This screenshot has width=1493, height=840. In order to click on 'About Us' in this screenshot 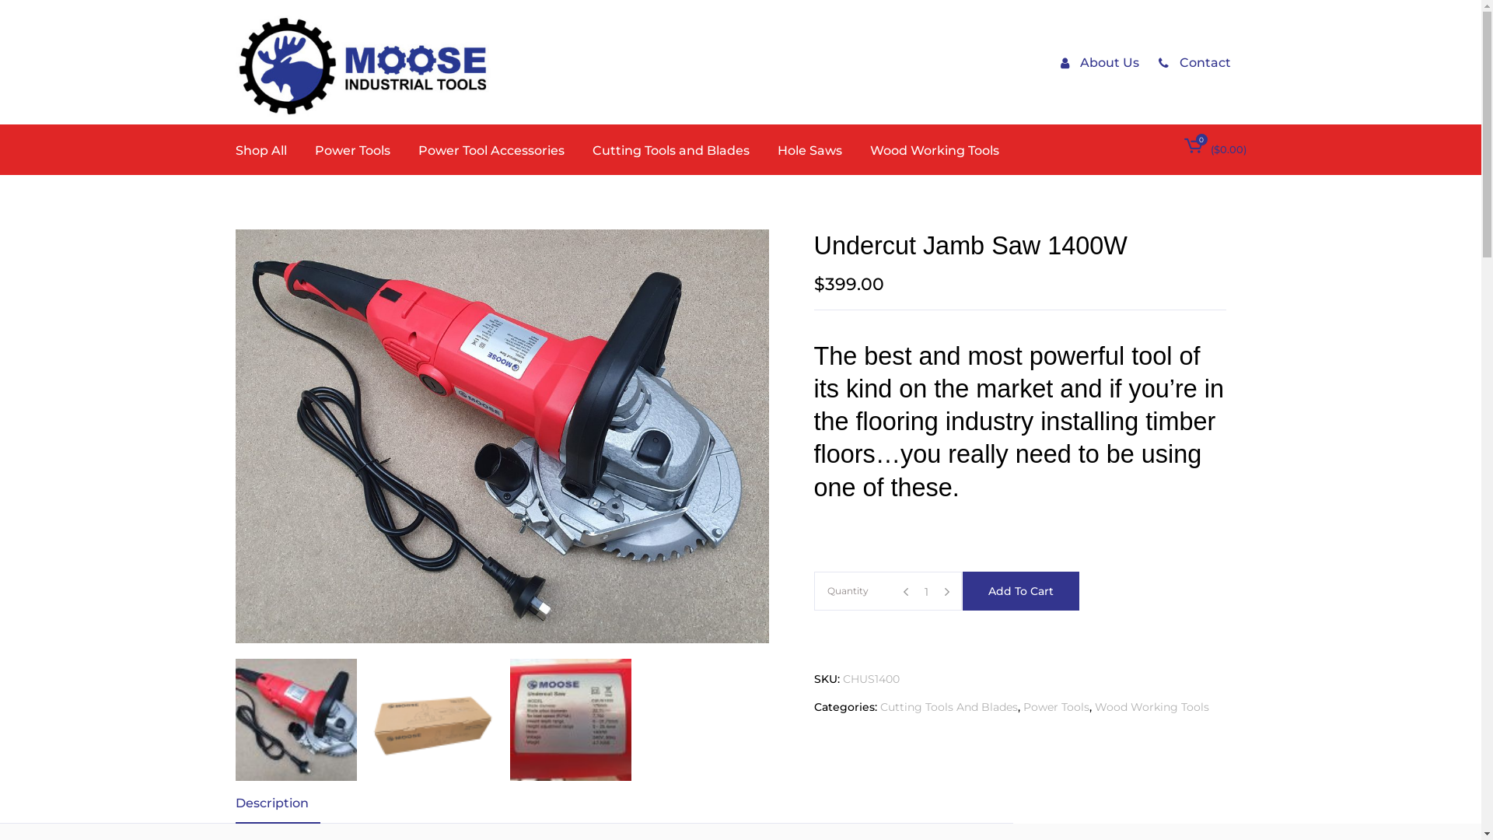, I will do `click(1059, 61)`.